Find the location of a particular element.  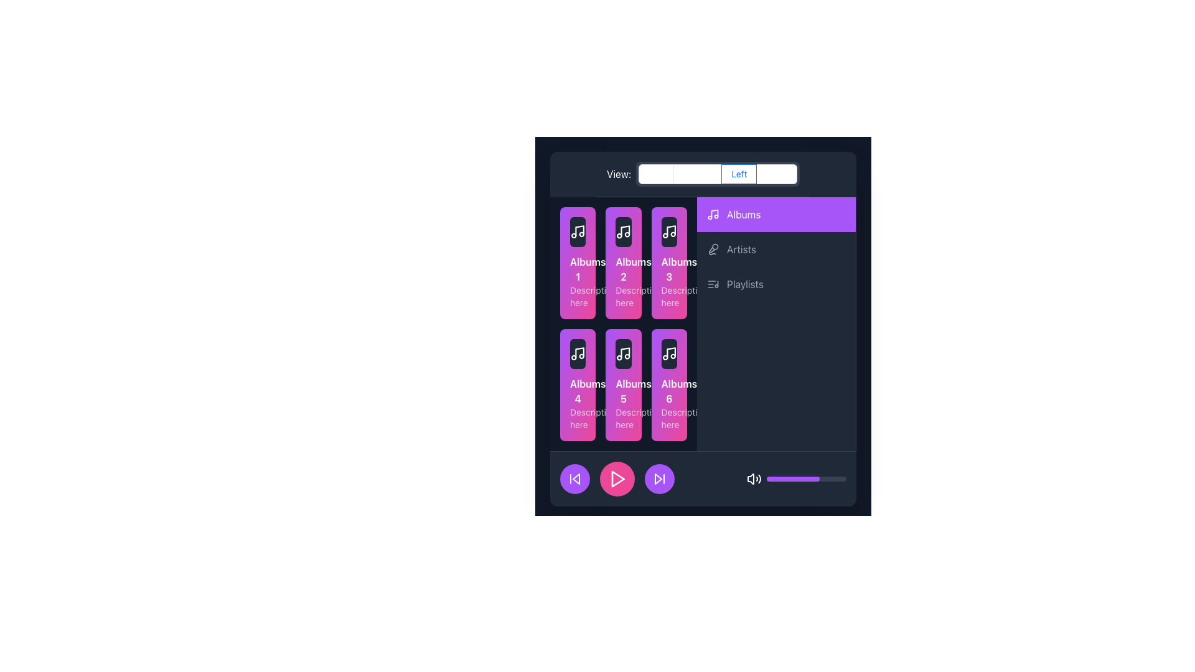

the top-left button-like clickable card in the 2x3 grid is located at coordinates (577, 263).